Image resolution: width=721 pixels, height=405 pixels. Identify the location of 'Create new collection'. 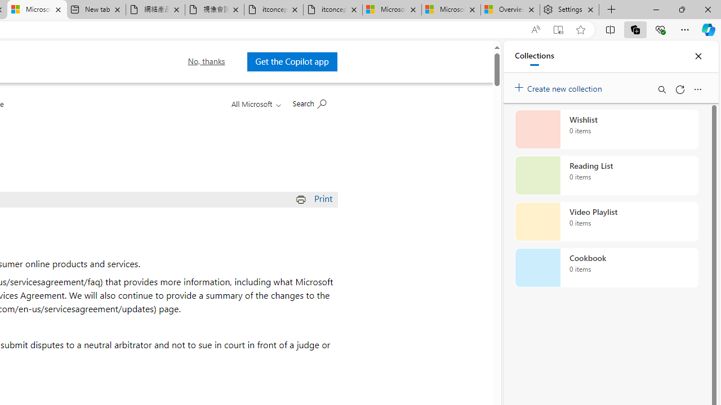
(560, 85).